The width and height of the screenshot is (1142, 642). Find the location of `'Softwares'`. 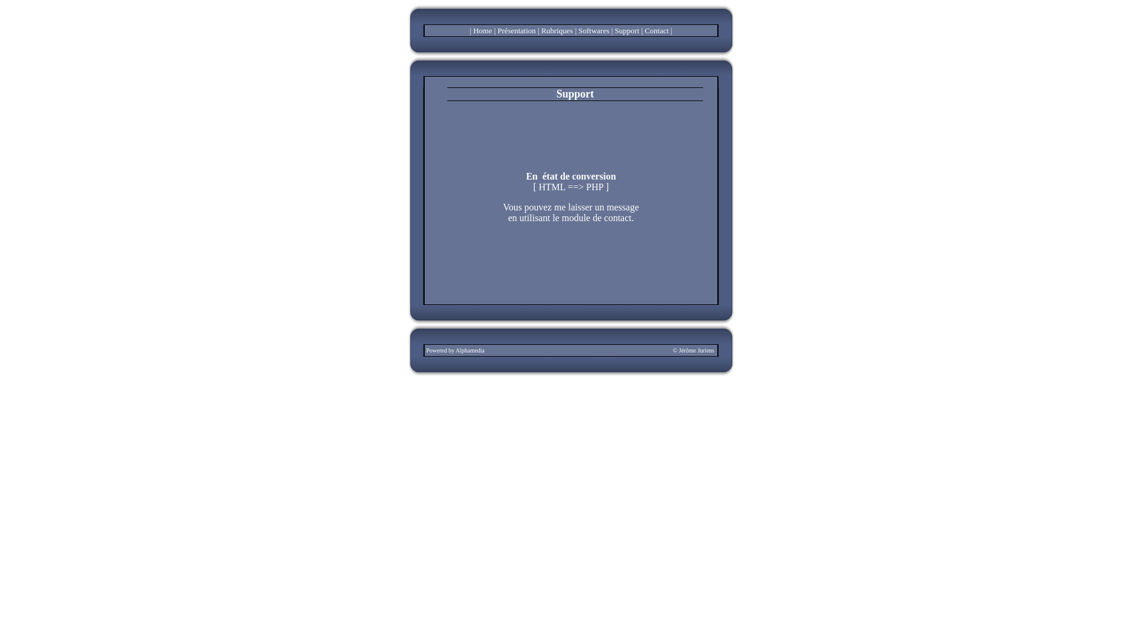

'Softwares' is located at coordinates (594, 30).